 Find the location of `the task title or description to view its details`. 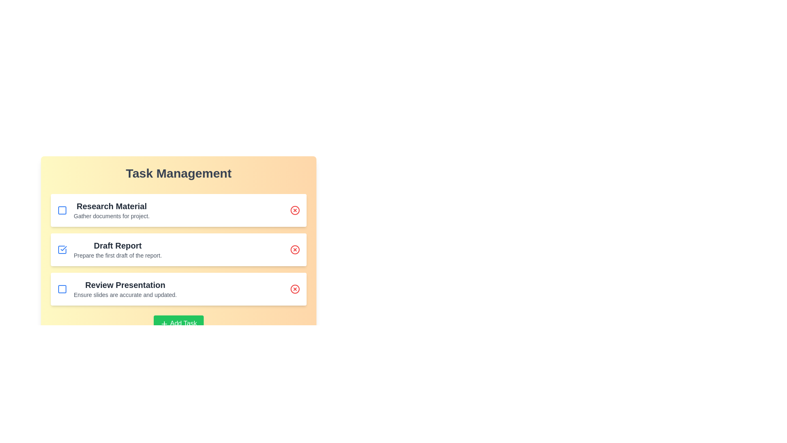

the task title or description to view its details is located at coordinates (111, 206).